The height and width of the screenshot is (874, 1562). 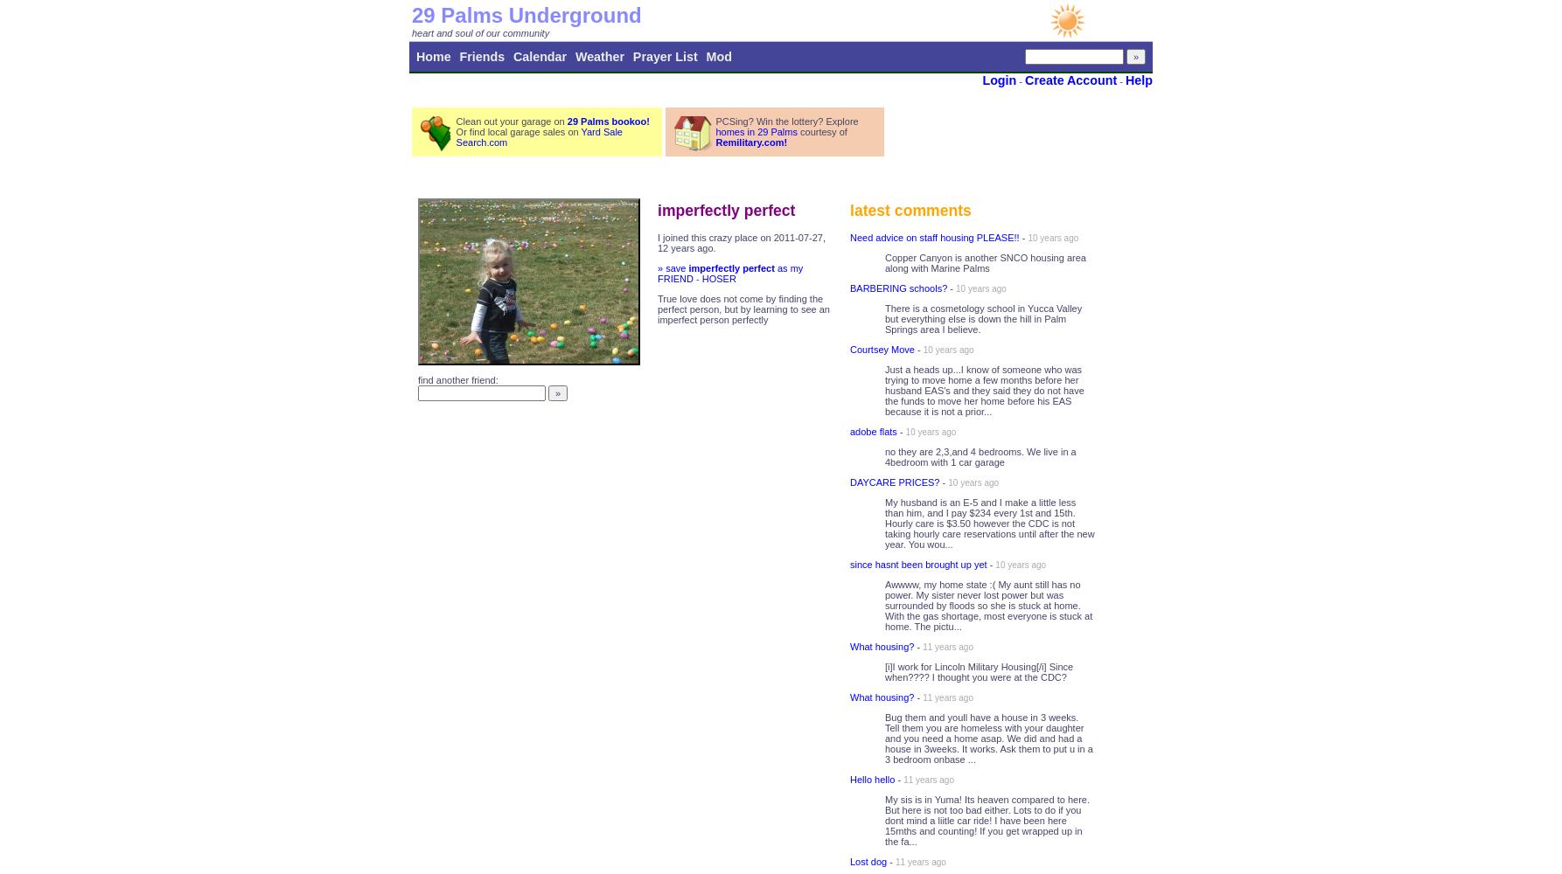 I want to click on '29 Palms bookoo!', so click(x=566, y=121).